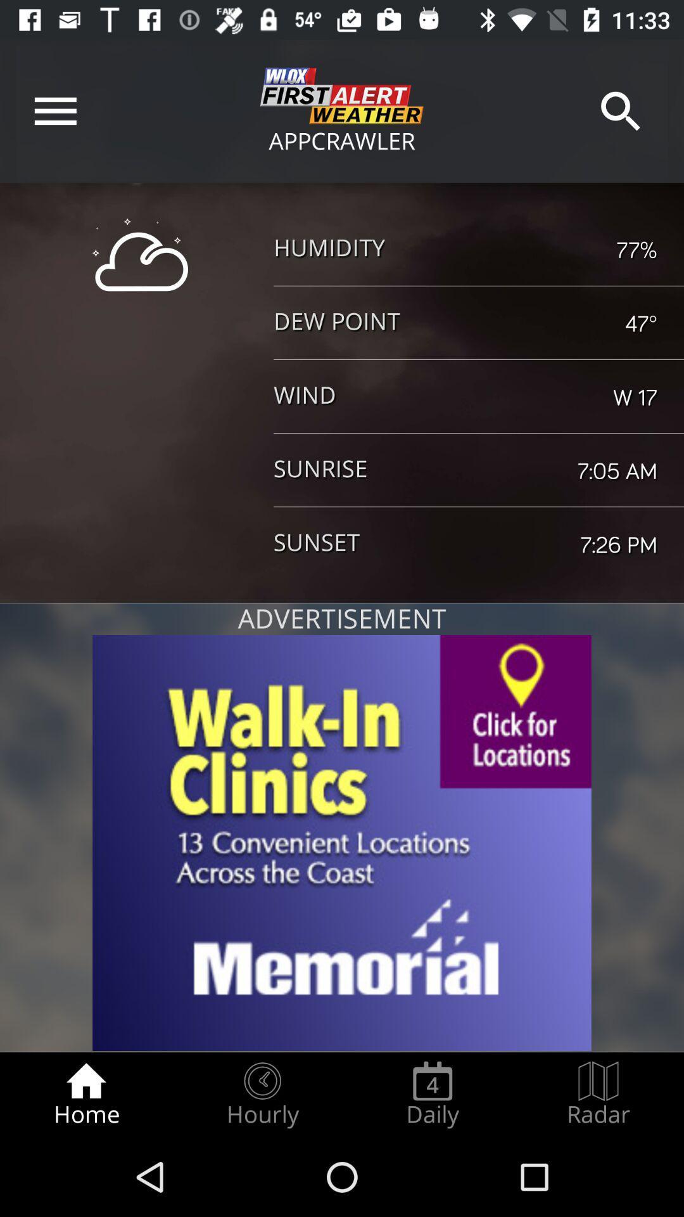 Image resolution: width=684 pixels, height=1217 pixels. Describe the element at coordinates (598, 1094) in the screenshot. I see `the radar at the bottom right corner` at that location.